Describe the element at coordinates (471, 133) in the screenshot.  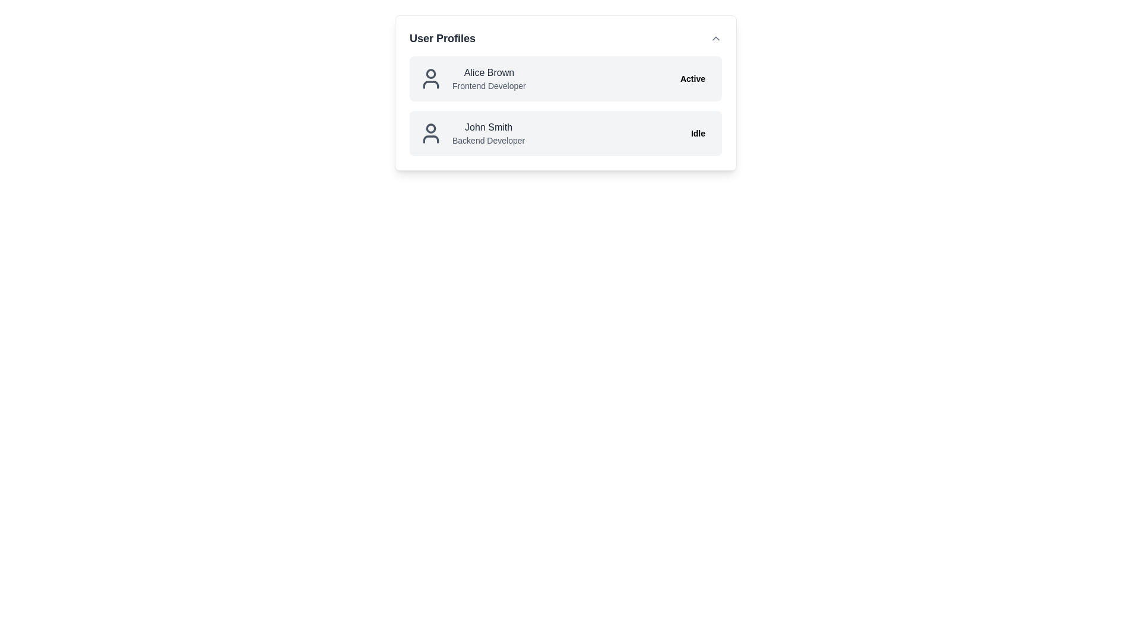
I see `the text display element showing 'John Smith' and 'Backend Developer' in the User Profiles section by moving the cursor to its center point` at that location.